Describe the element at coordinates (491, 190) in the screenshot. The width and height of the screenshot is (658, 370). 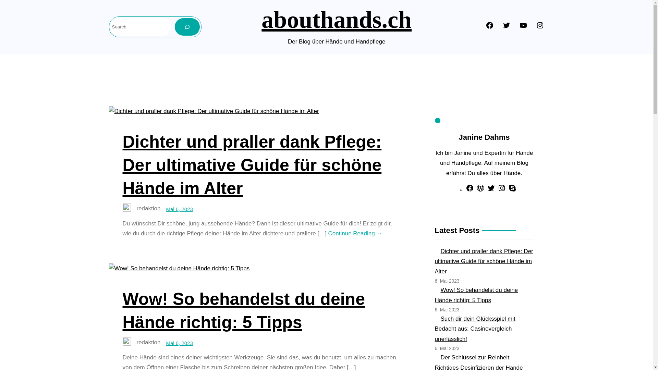
I see `'Twitter'` at that location.